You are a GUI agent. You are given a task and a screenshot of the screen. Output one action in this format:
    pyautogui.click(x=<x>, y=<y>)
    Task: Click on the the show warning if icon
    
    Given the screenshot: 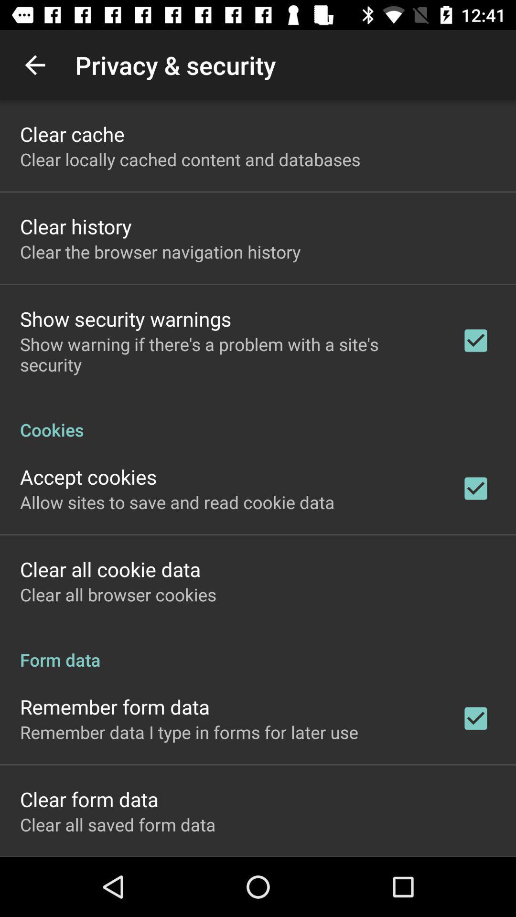 What is the action you would take?
    pyautogui.click(x=228, y=354)
    